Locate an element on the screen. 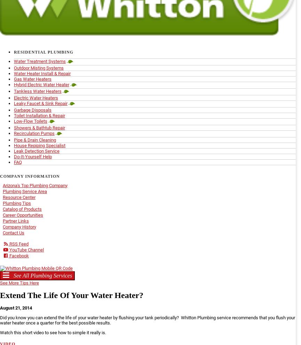 This screenshot has height=345, width=301. 'Recirculation Pumps' is located at coordinates (34, 133).